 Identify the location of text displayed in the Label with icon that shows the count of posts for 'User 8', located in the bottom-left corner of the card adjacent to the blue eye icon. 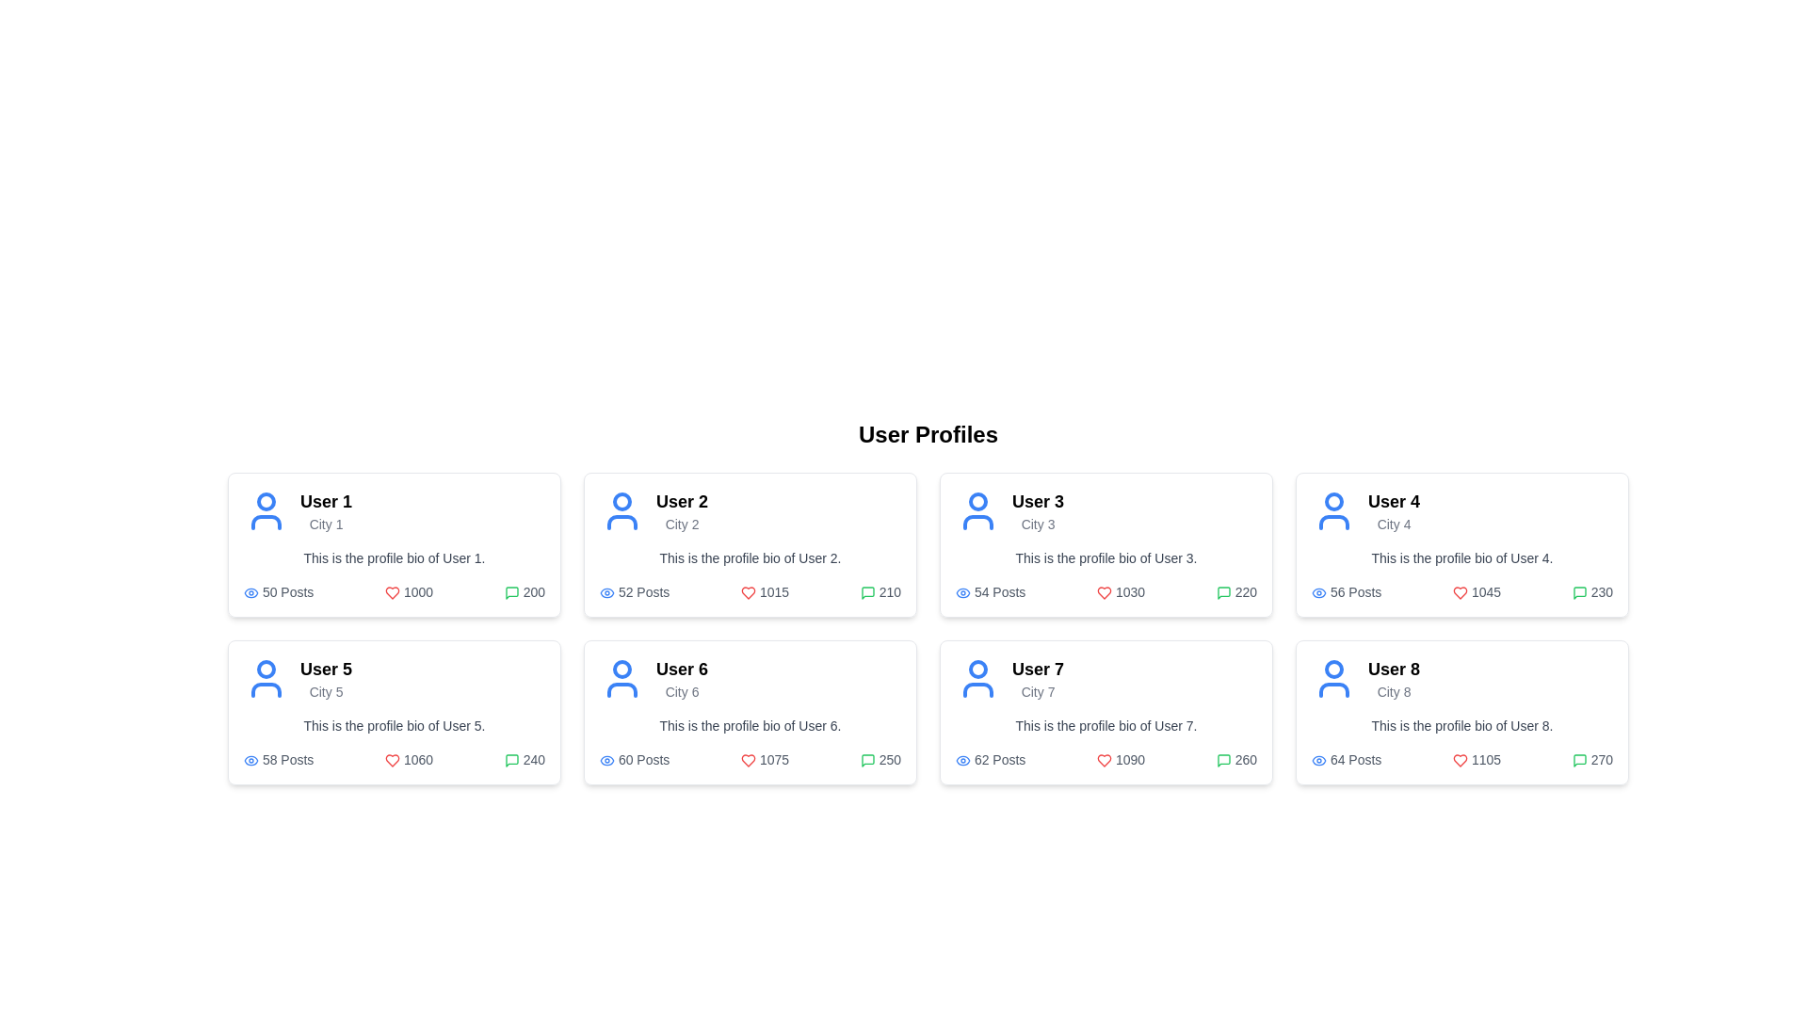
(1346, 758).